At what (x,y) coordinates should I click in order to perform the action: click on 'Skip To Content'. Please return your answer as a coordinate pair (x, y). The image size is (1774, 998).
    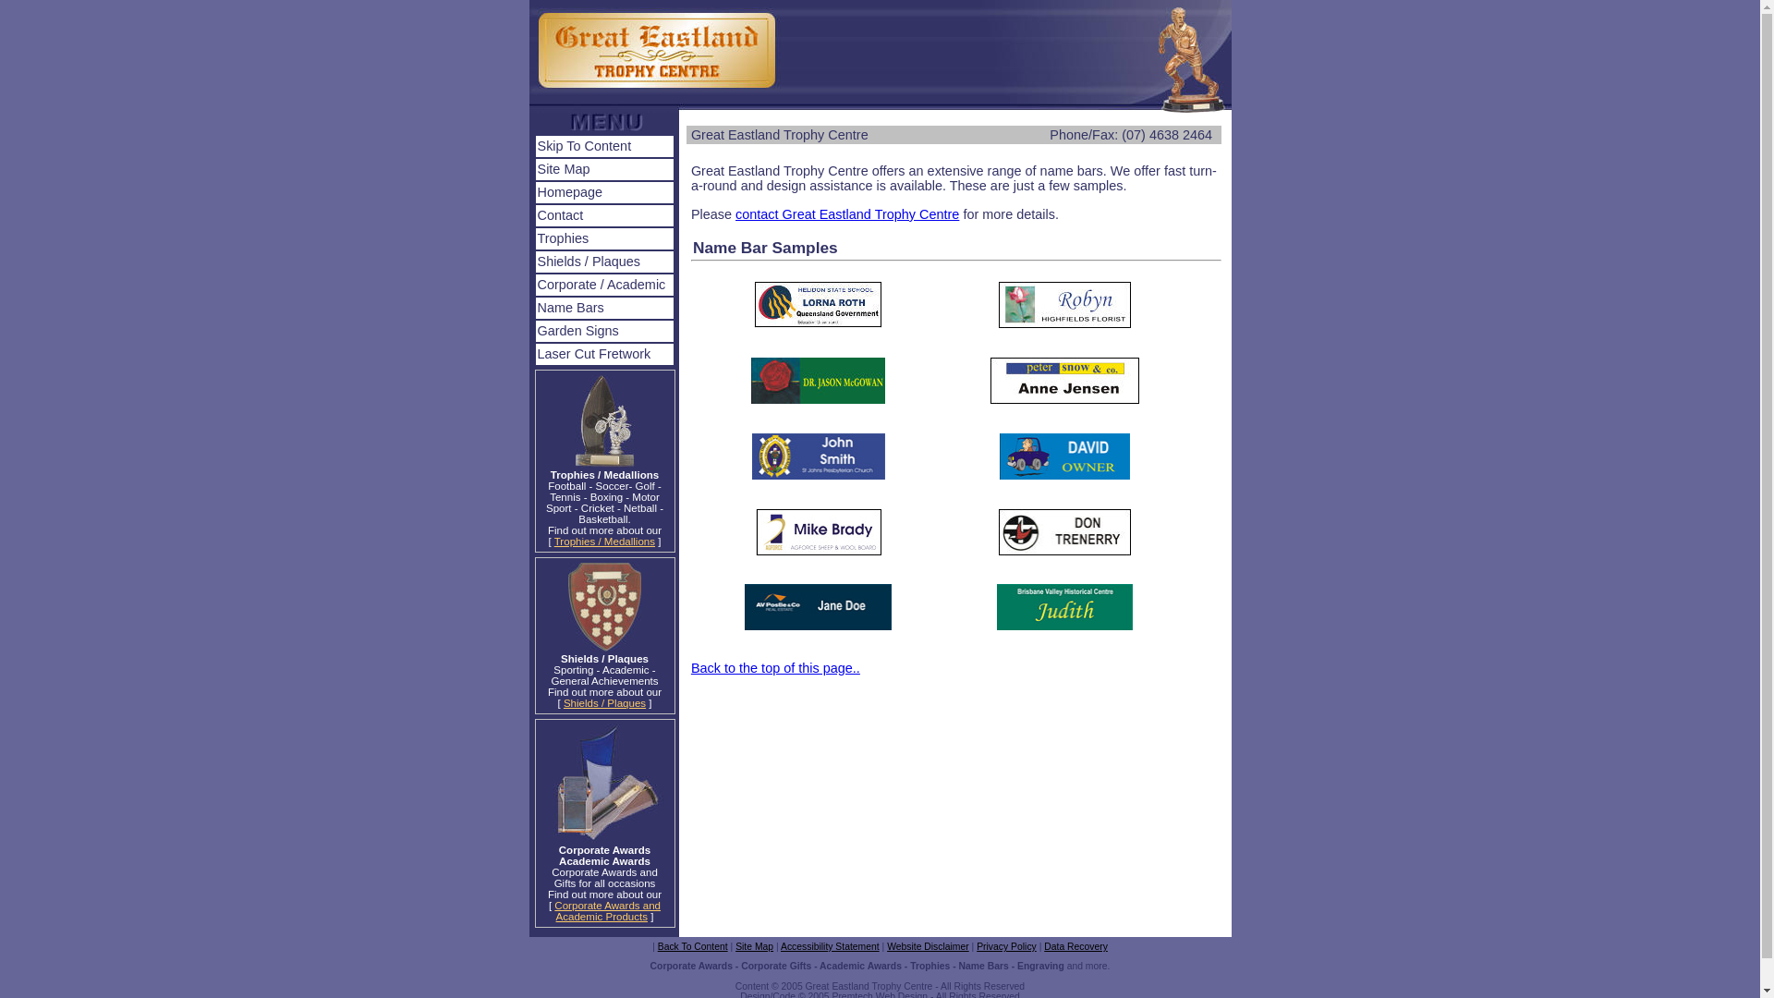
    Looking at the image, I should click on (604, 145).